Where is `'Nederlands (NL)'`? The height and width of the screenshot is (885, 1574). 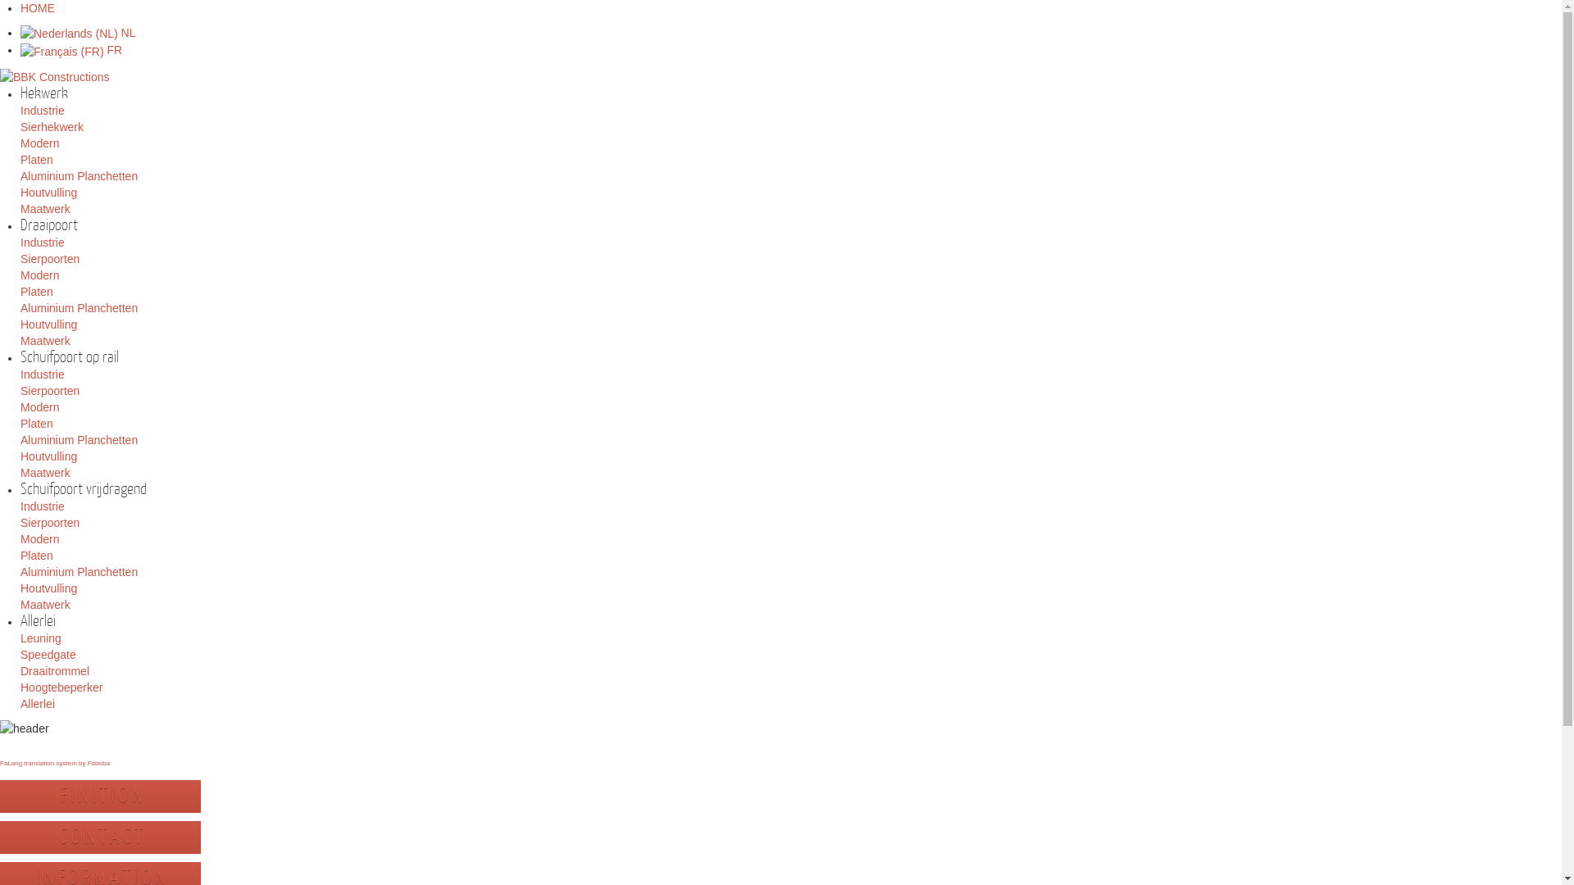
'Nederlands (NL)' is located at coordinates (68, 34).